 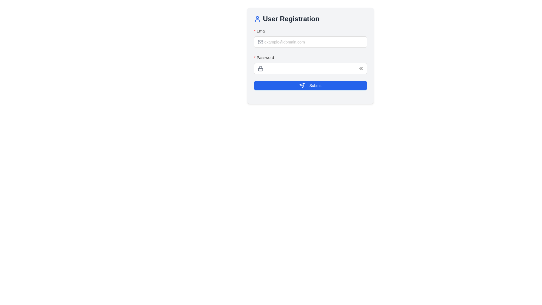 What do you see at coordinates (260, 68) in the screenshot?
I see `the lock icon at the start of the password input field, which visually indicates that the input is for entering a password` at bounding box center [260, 68].